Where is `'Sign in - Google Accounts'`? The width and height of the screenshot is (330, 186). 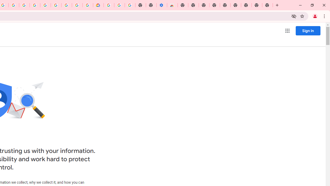
'Sign in - Google Accounts' is located at coordinates (109, 5).